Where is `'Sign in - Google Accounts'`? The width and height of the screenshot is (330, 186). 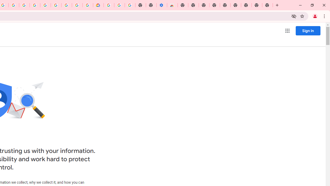
'Sign in - Google Accounts' is located at coordinates (109, 5).